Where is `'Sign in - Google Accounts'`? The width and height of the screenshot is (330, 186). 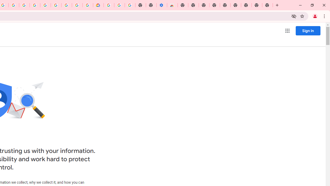
'Sign in - Google Accounts' is located at coordinates (109, 5).